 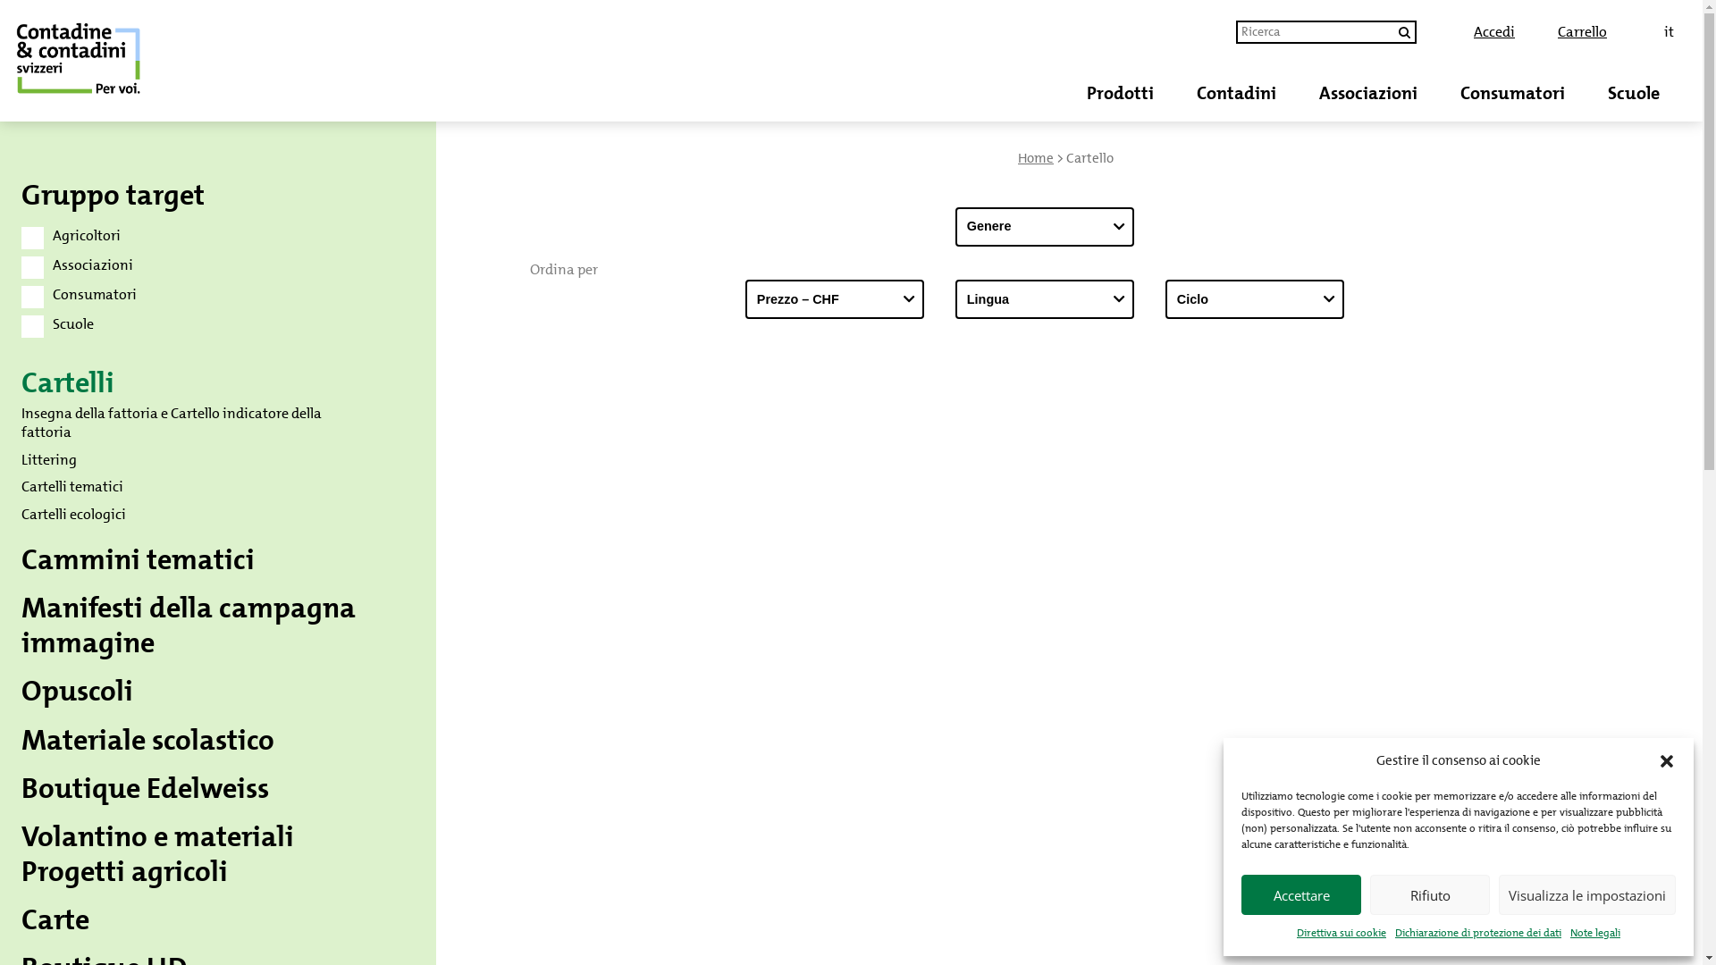 What do you see at coordinates (1045, 298) in the screenshot?
I see `'Lingua'` at bounding box center [1045, 298].